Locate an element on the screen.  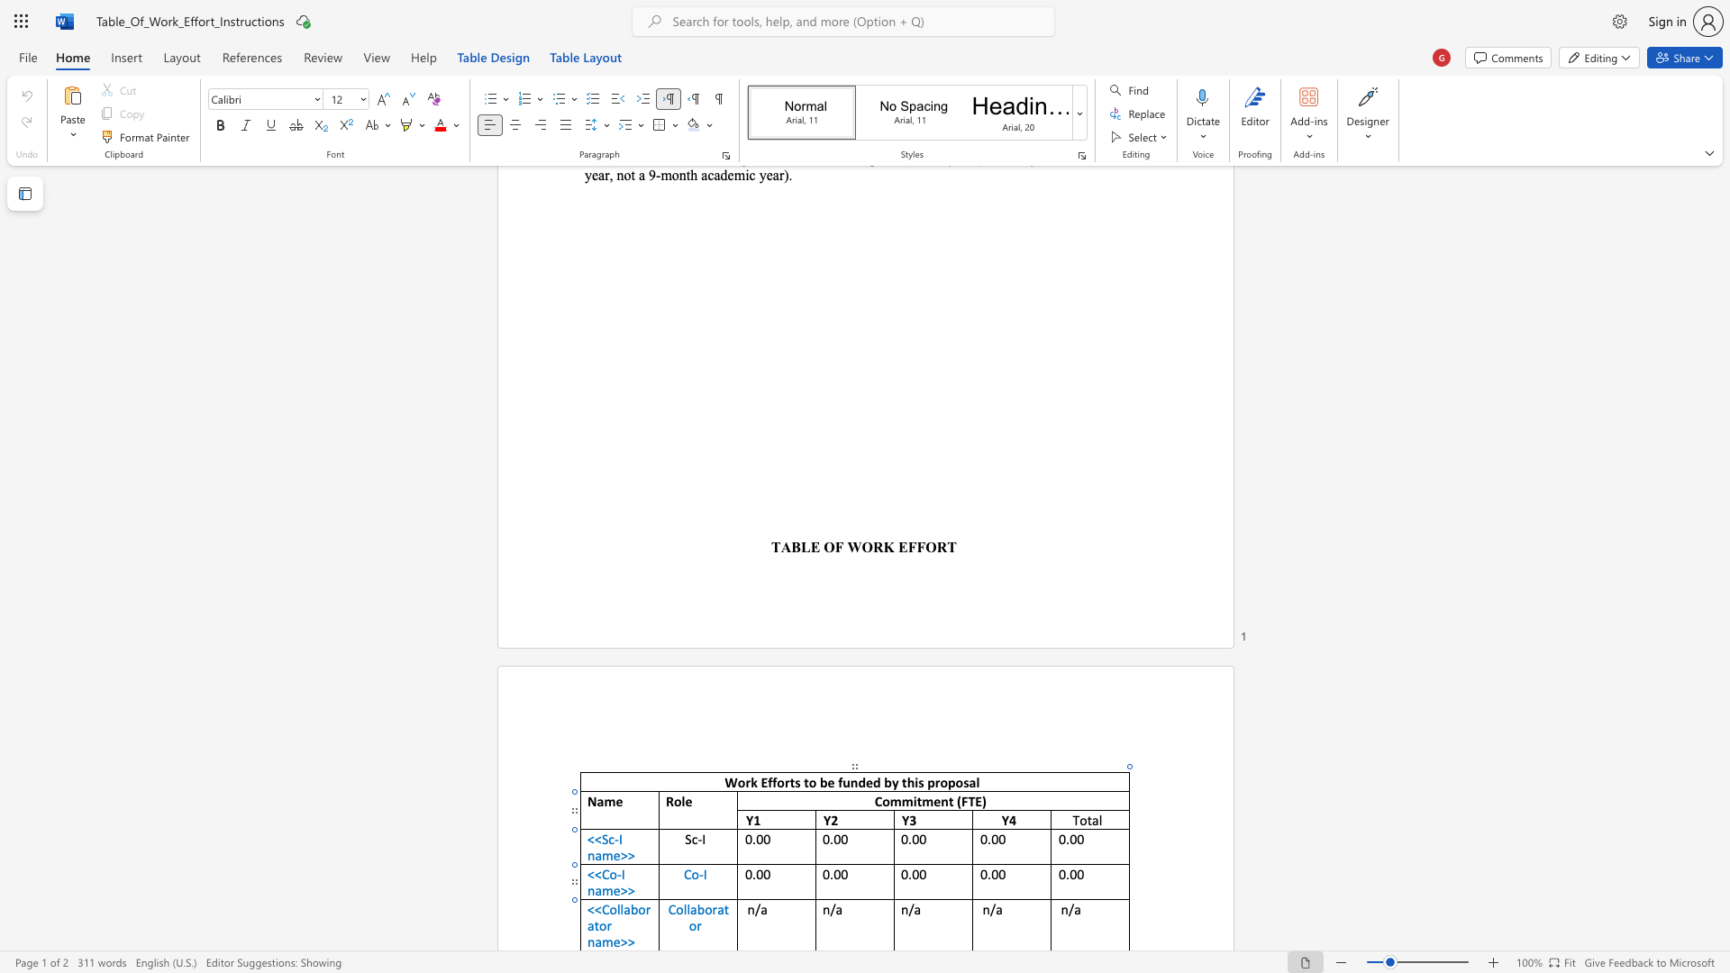
the space between the continuous character "a" and "t" in the text is located at coordinates (594, 925).